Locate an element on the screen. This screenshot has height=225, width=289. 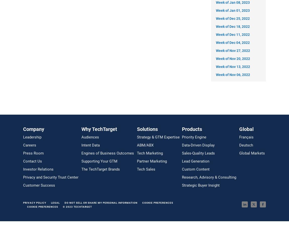
'© 2023 TECHTARGET' is located at coordinates (77, 207).